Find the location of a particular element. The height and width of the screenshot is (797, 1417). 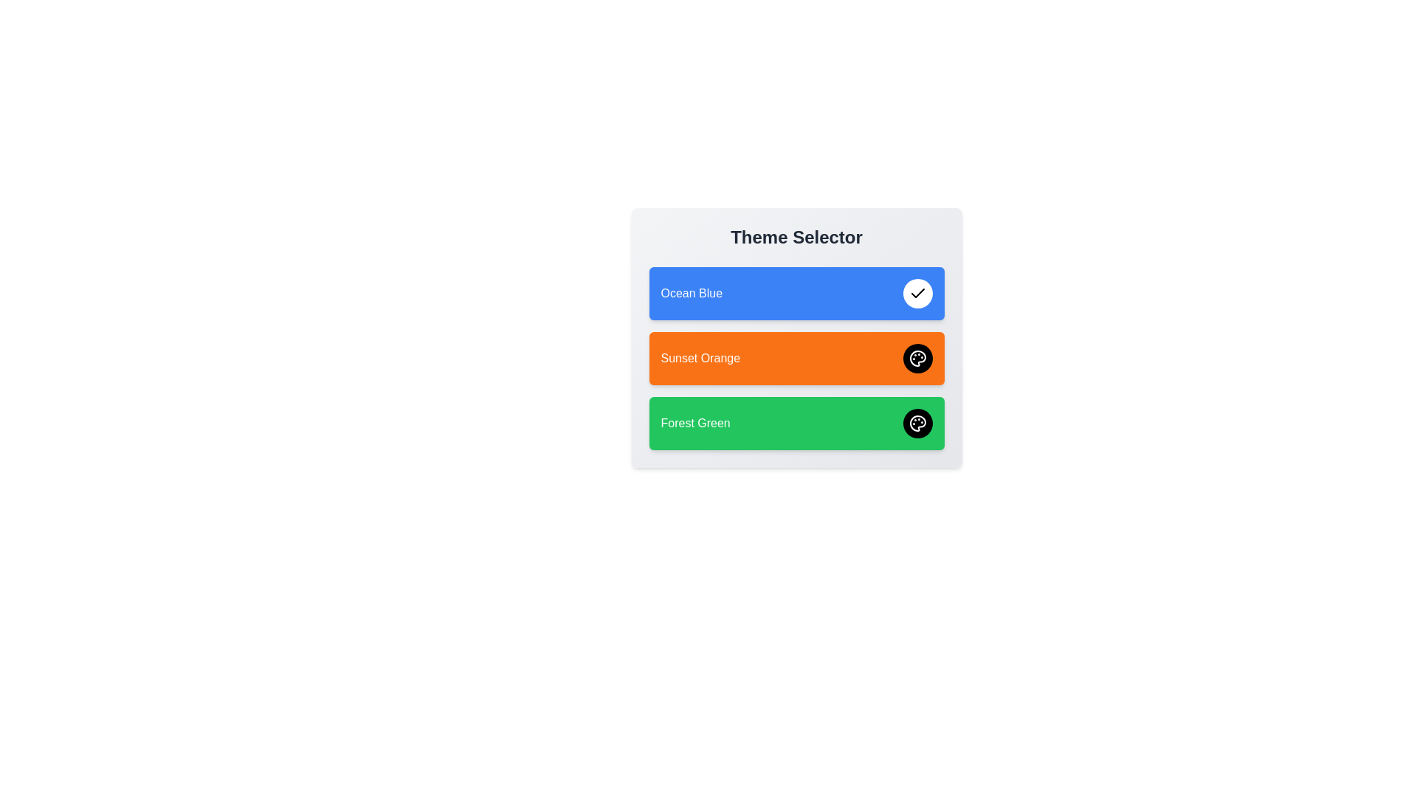

the theme Ocean Blue to inspect its visual representation is located at coordinates (796, 293).